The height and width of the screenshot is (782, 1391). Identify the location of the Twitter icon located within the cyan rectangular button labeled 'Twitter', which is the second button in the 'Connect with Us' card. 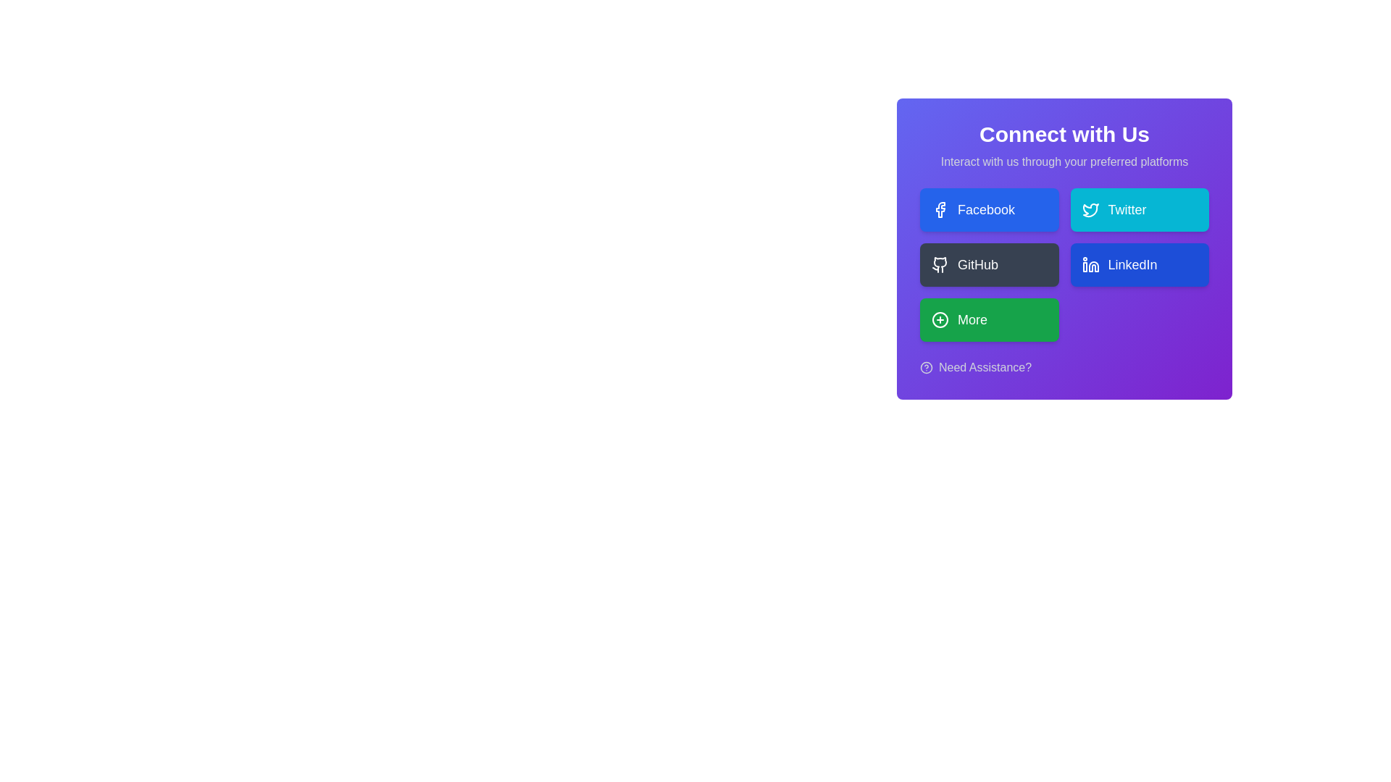
(1090, 209).